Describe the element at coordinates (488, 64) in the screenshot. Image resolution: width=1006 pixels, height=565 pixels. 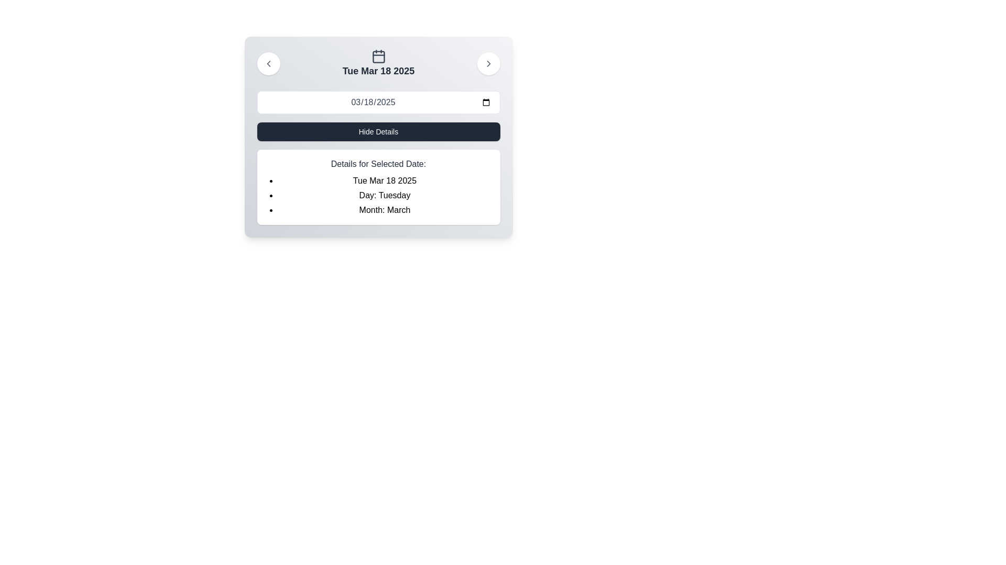
I see `the arrow icon located in the upper-right part of the interface to invoke navigation` at that location.